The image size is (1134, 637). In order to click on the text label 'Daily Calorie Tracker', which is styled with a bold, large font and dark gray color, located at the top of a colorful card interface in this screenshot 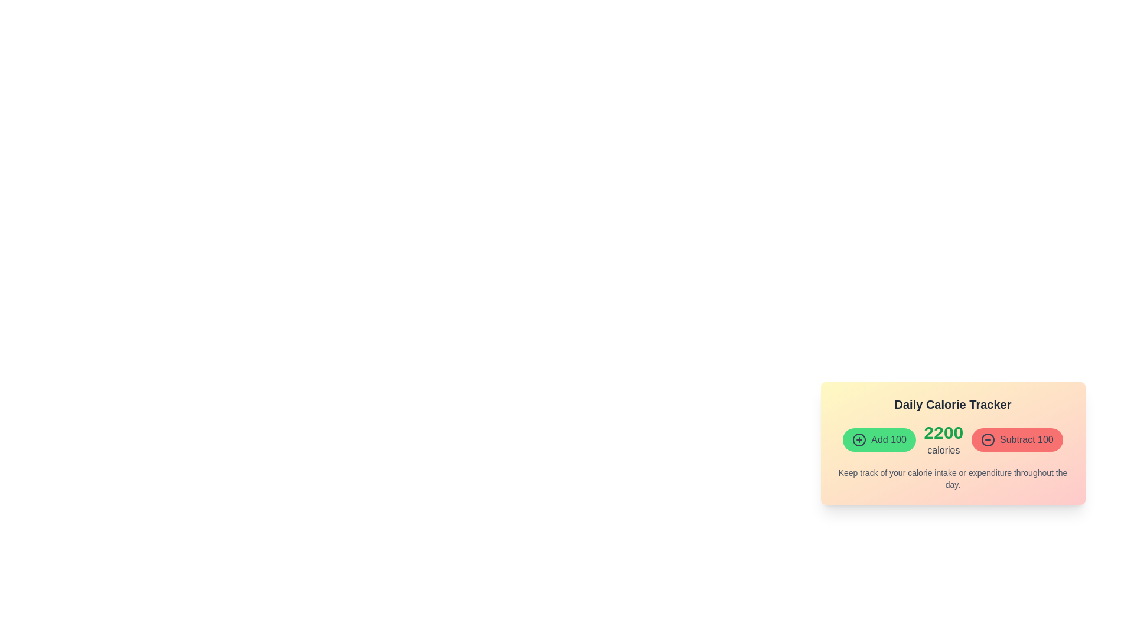, I will do `click(953, 404)`.